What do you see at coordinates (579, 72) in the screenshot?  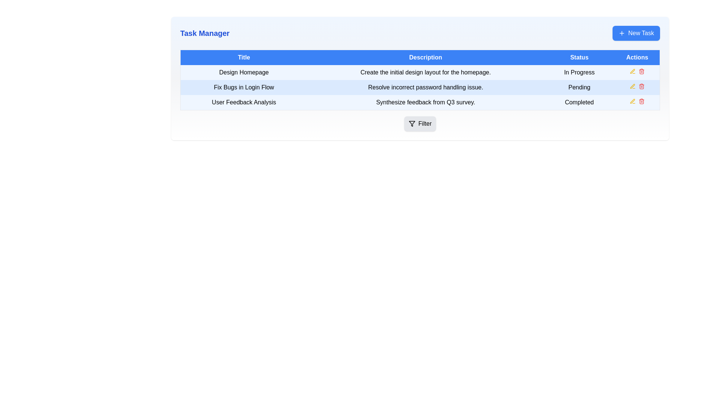 I see `the static text label indicating the status of the task titled 'Design Homepage' located in the first row and third column of the task table` at bounding box center [579, 72].